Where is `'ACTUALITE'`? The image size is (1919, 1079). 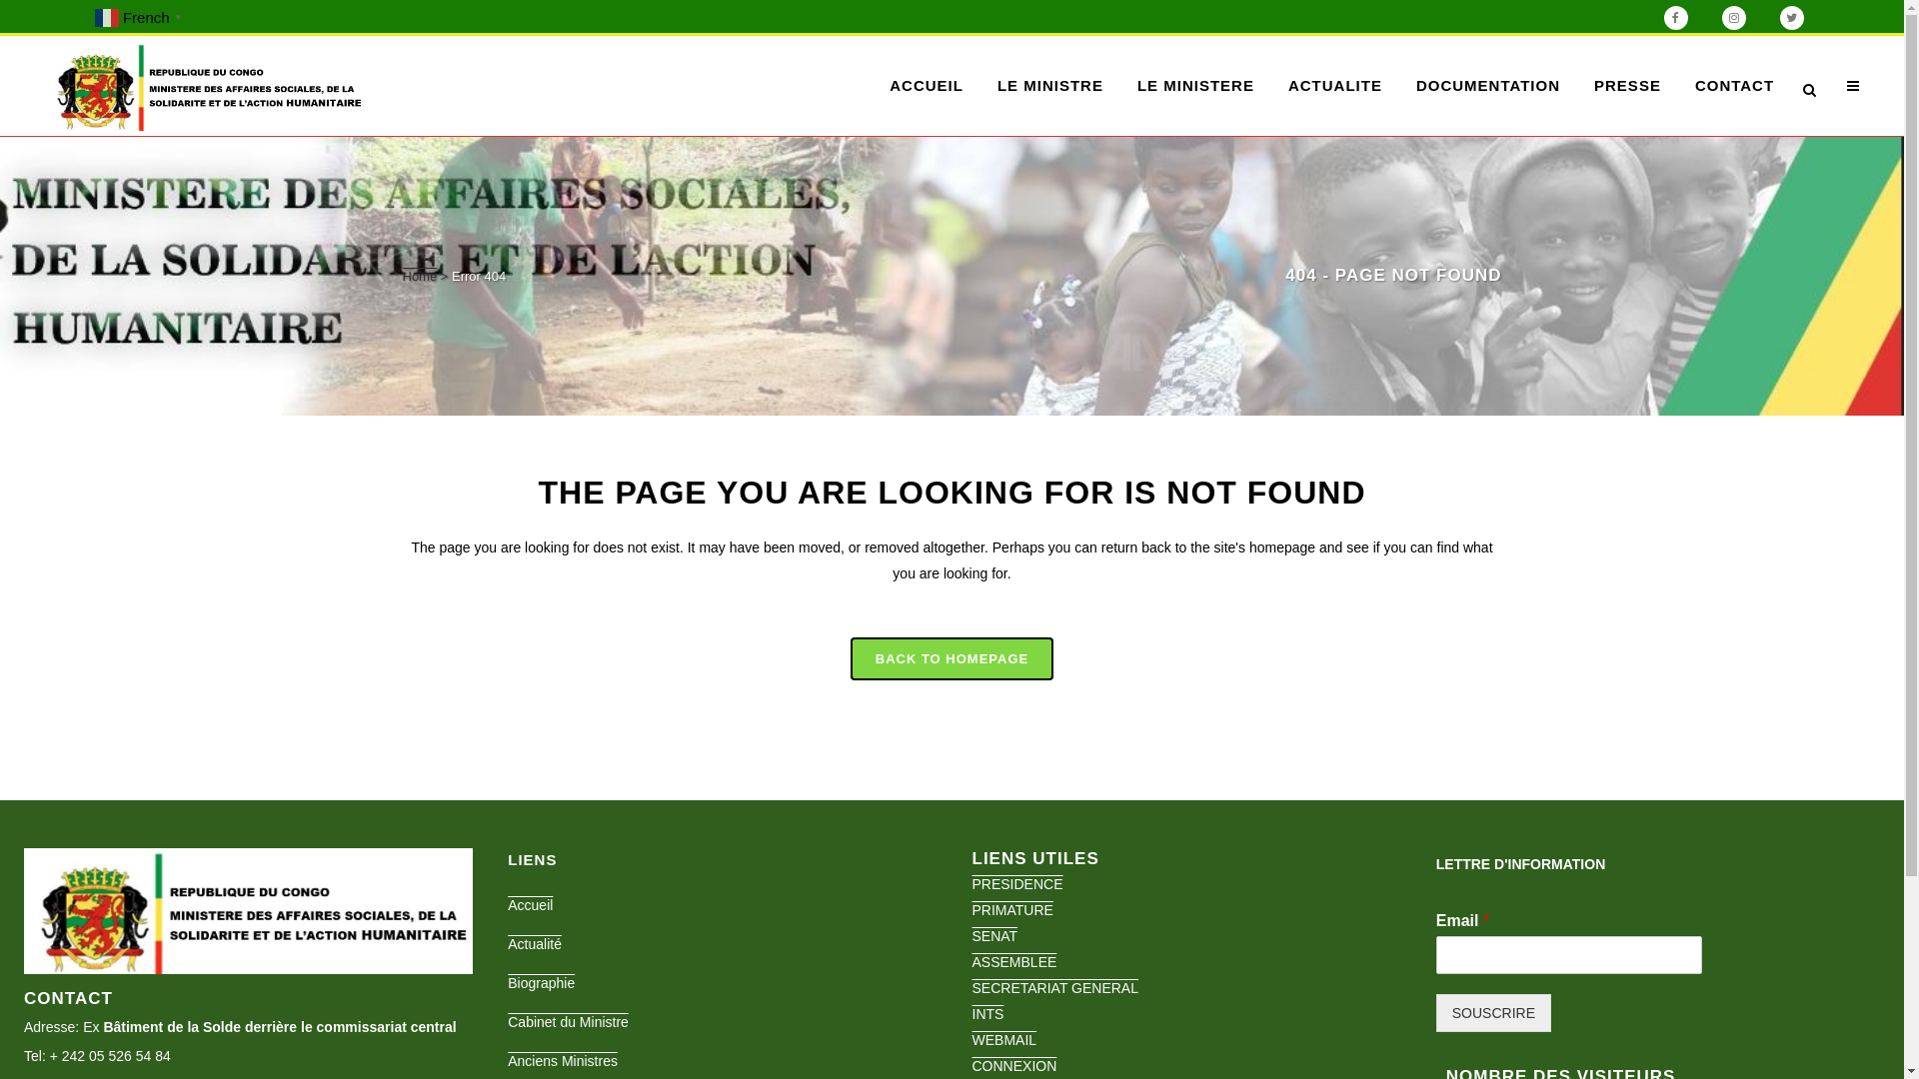
'ACTUALITE' is located at coordinates (1334, 84).